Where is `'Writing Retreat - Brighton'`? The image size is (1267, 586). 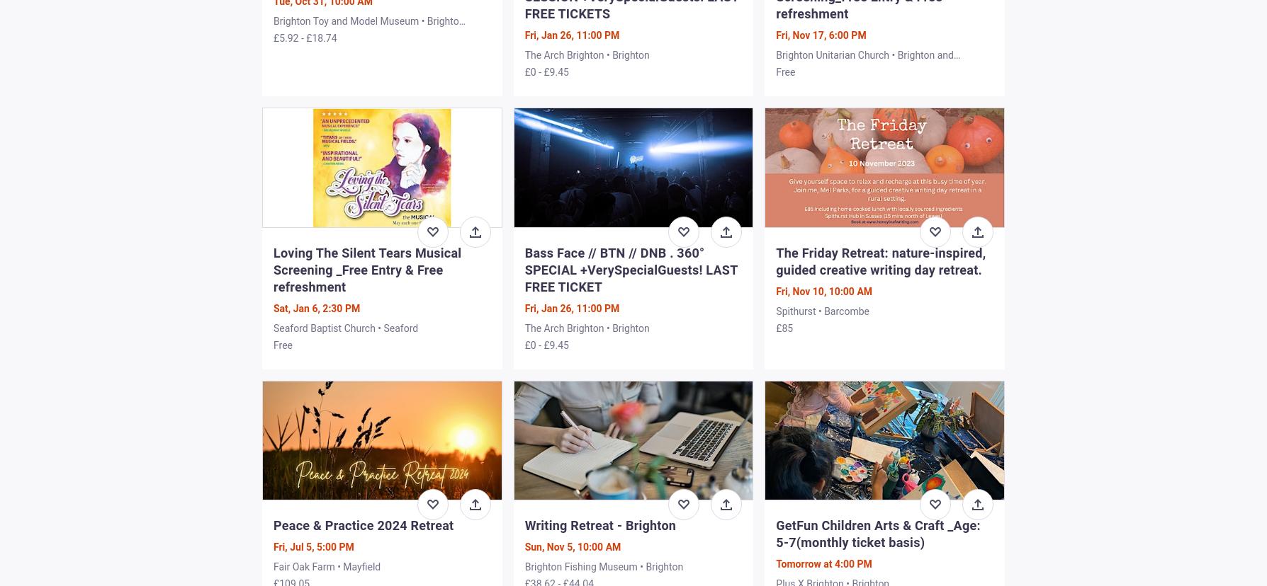
'Writing Retreat - Brighton' is located at coordinates (524, 524).